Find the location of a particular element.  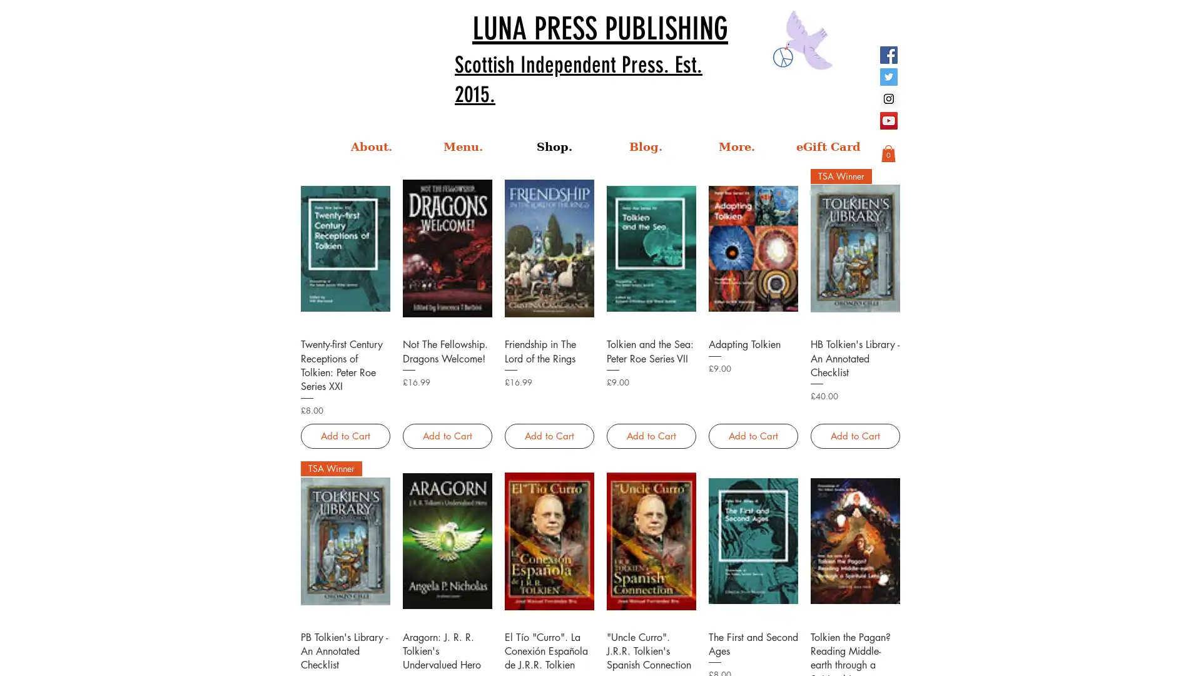

Cart with 0 items is located at coordinates (888, 153).